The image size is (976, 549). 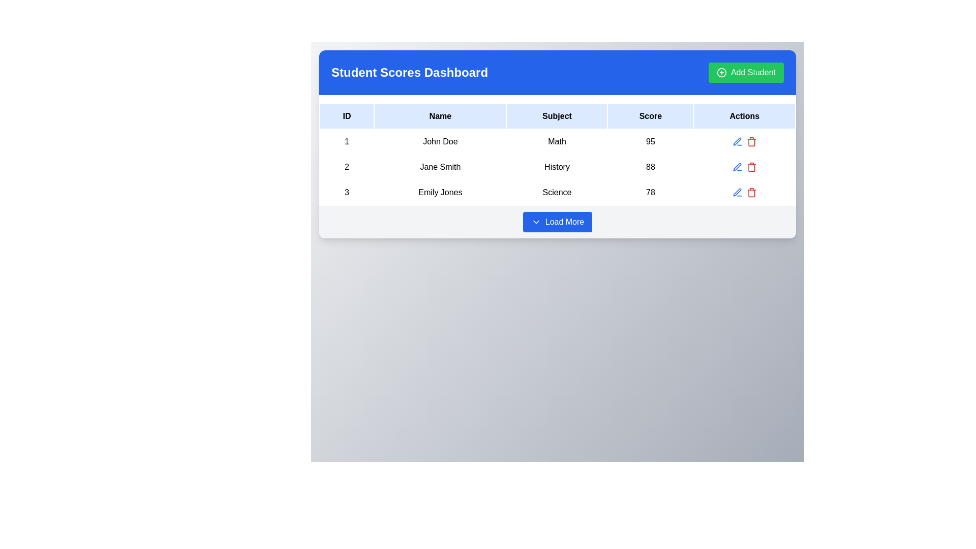 I want to click on the text displaying the number '2' in black color, which is located in the first column of the second row of the table under the 'Student Scores Dashboard', so click(x=347, y=166).